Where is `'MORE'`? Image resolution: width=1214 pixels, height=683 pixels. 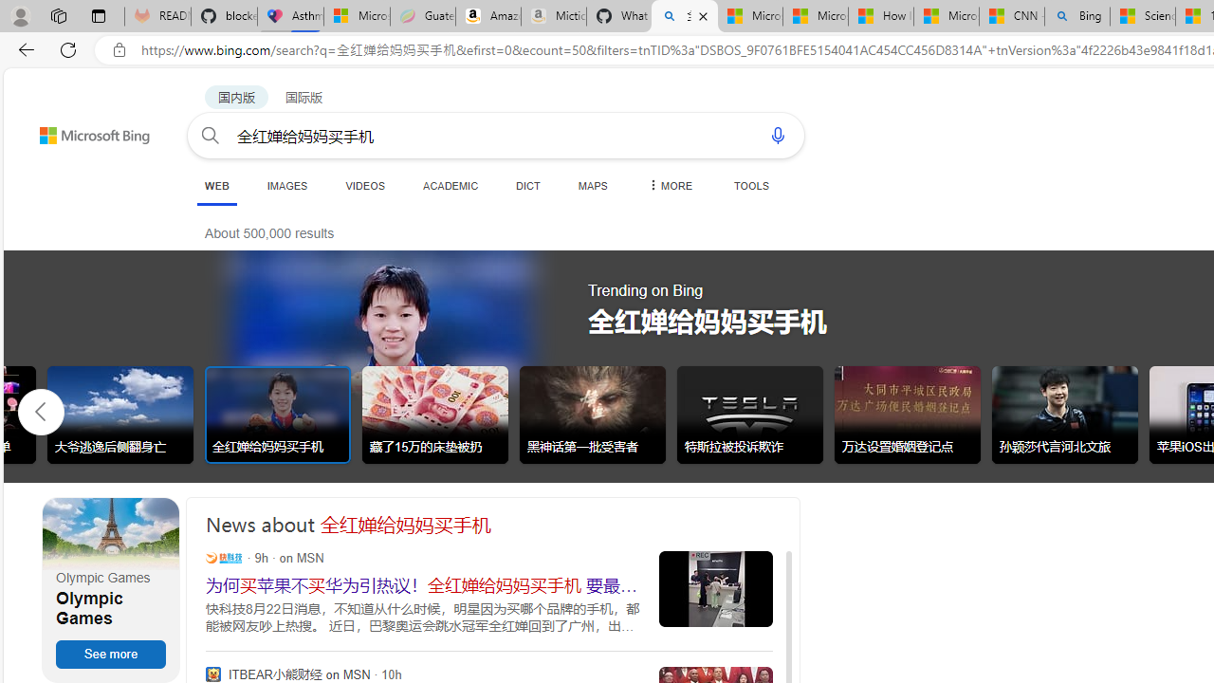 'MORE' is located at coordinates (669, 185).